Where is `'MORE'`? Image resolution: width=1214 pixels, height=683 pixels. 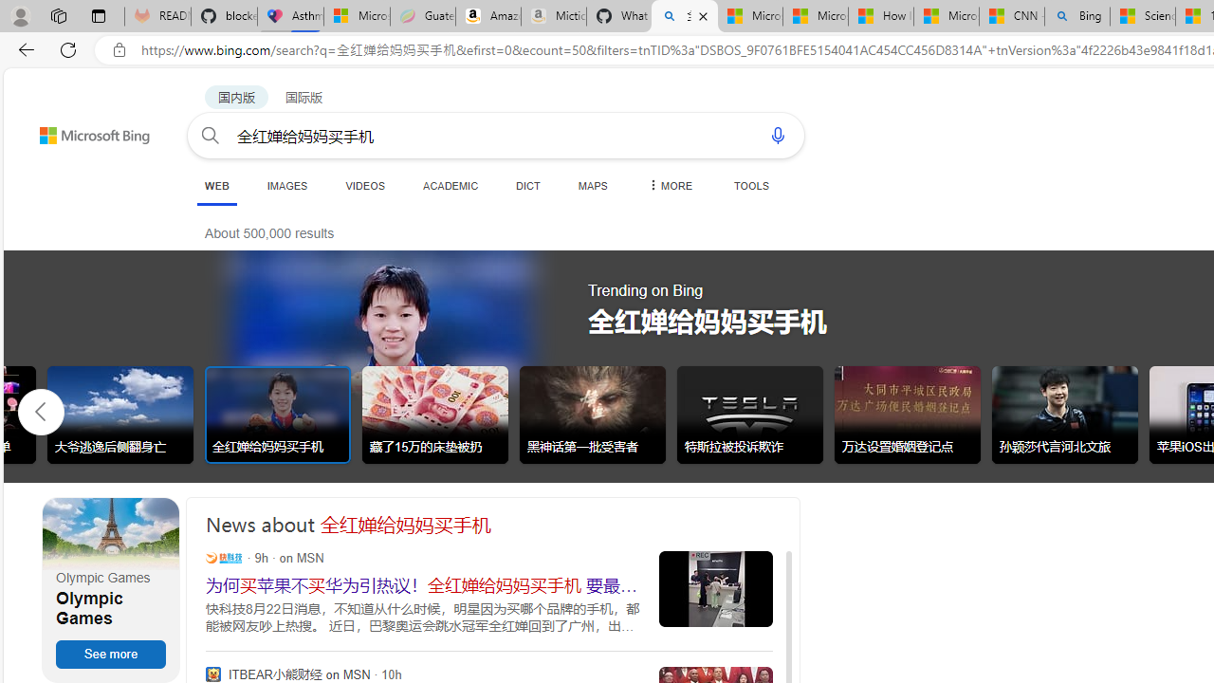 'MORE' is located at coordinates (669, 185).